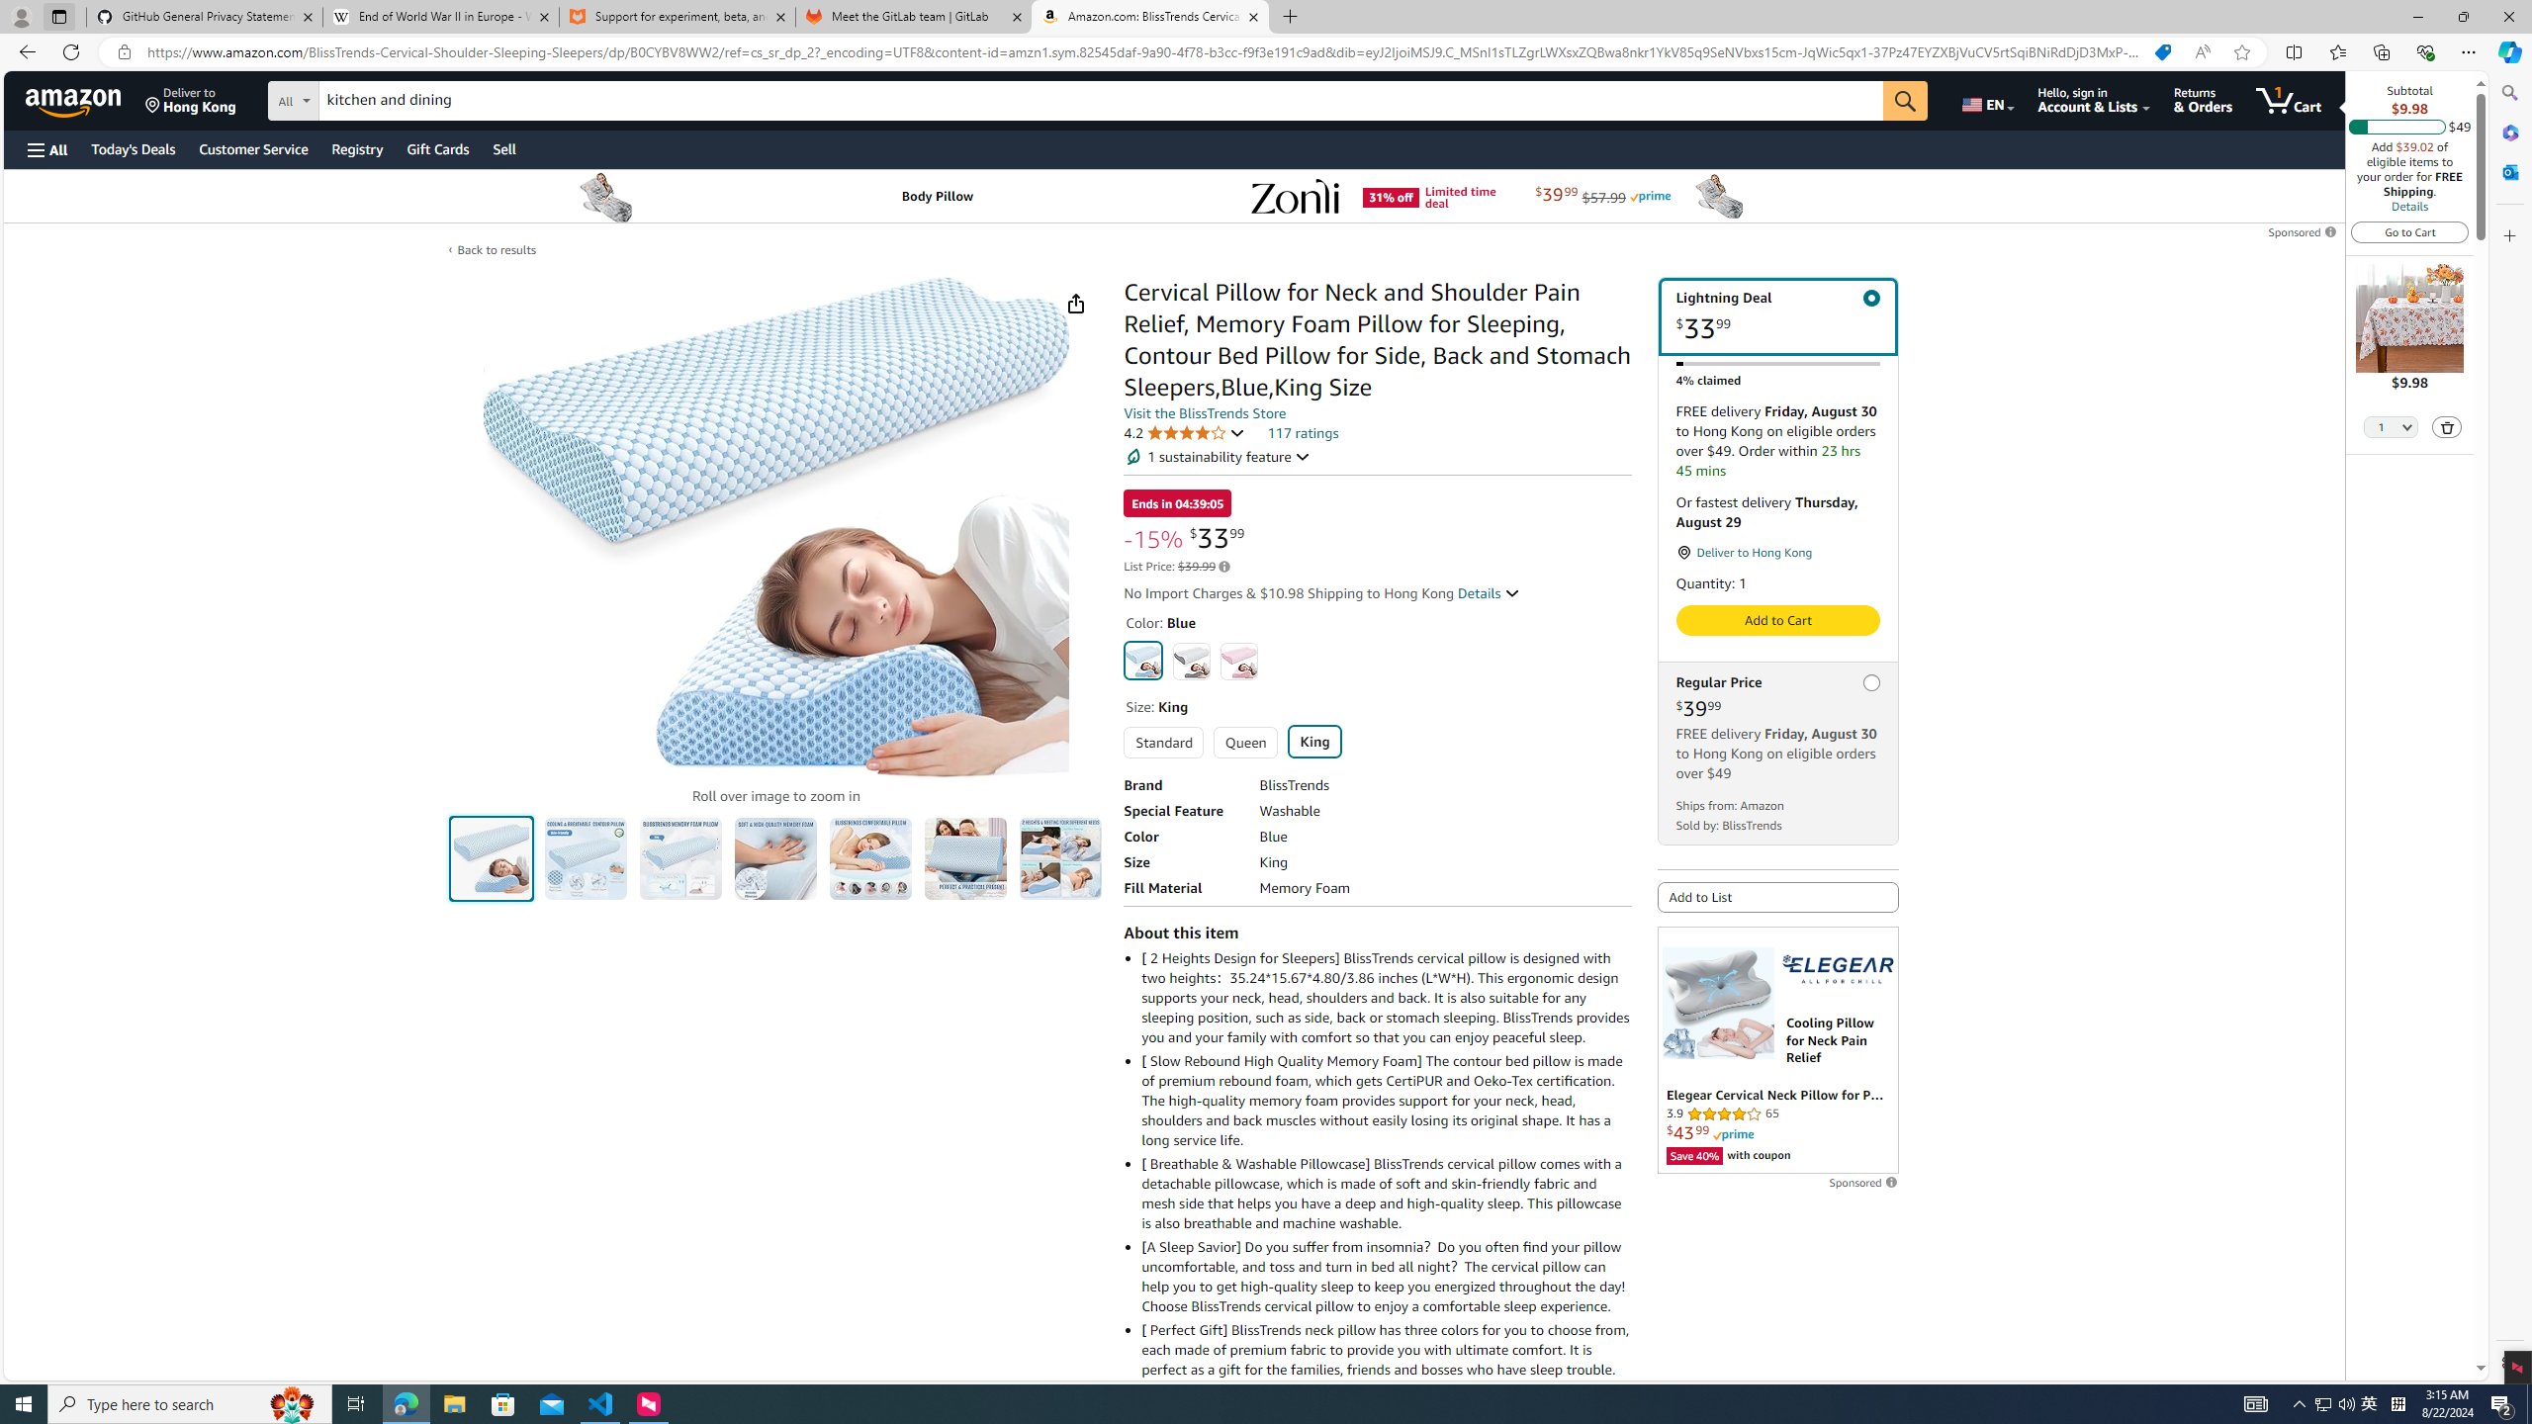 The image size is (2532, 1424). What do you see at coordinates (84, 98) in the screenshot?
I see `'Skip to main content'` at bounding box center [84, 98].